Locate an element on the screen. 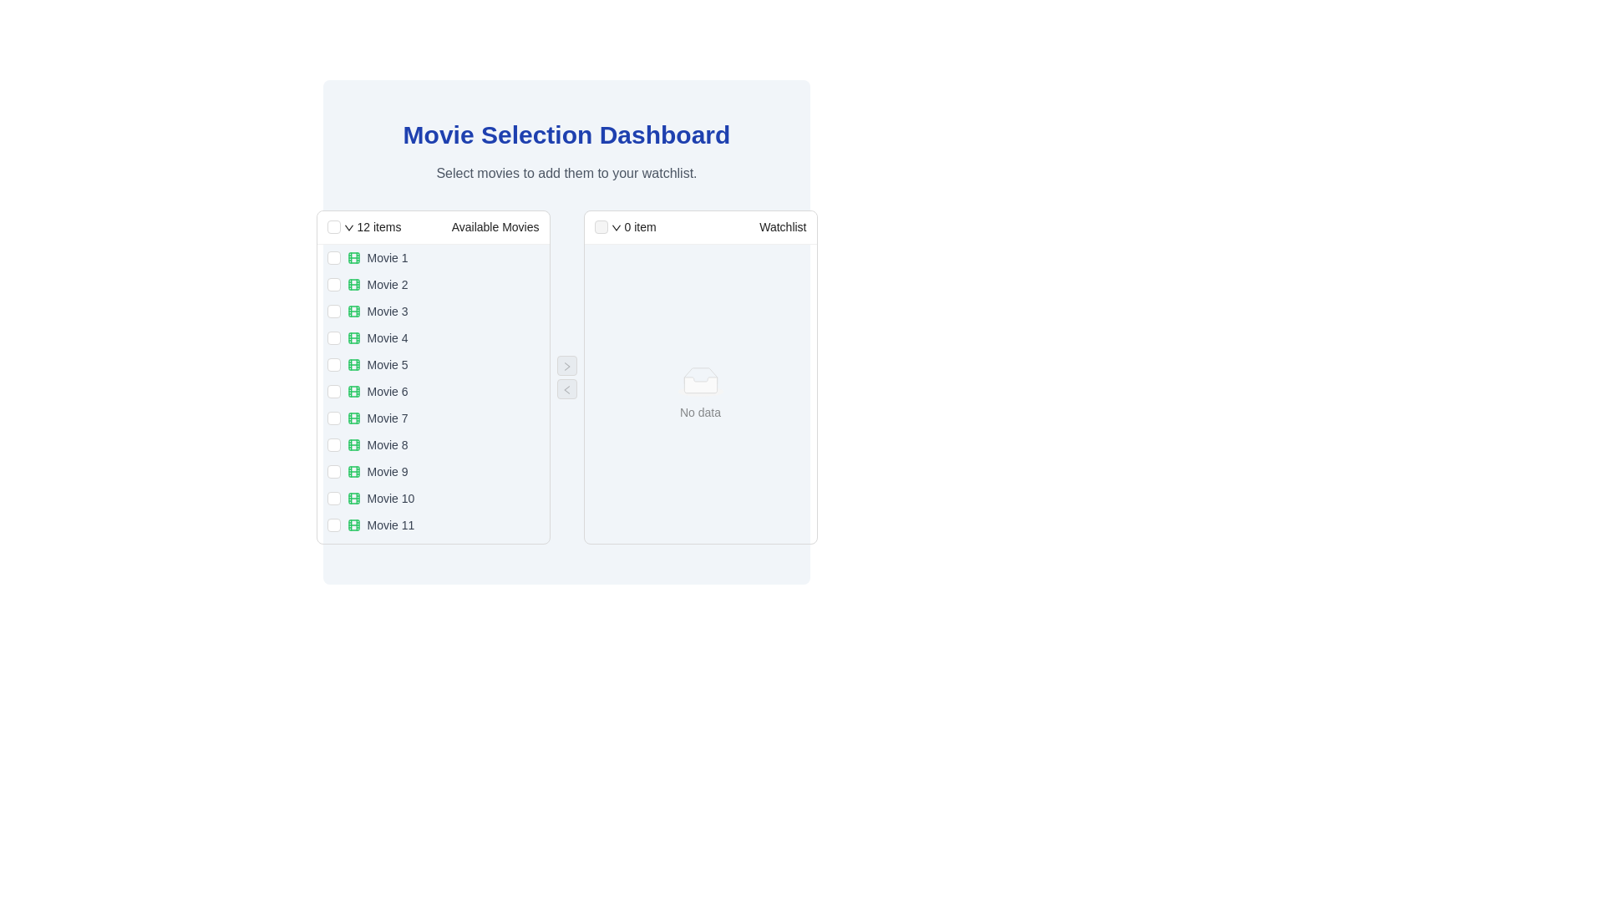 The image size is (1604, 902). the selectable checkbox located at the leftmost side of the header section labeled '12 items Available Movies' is located at coordinates (333, 227).